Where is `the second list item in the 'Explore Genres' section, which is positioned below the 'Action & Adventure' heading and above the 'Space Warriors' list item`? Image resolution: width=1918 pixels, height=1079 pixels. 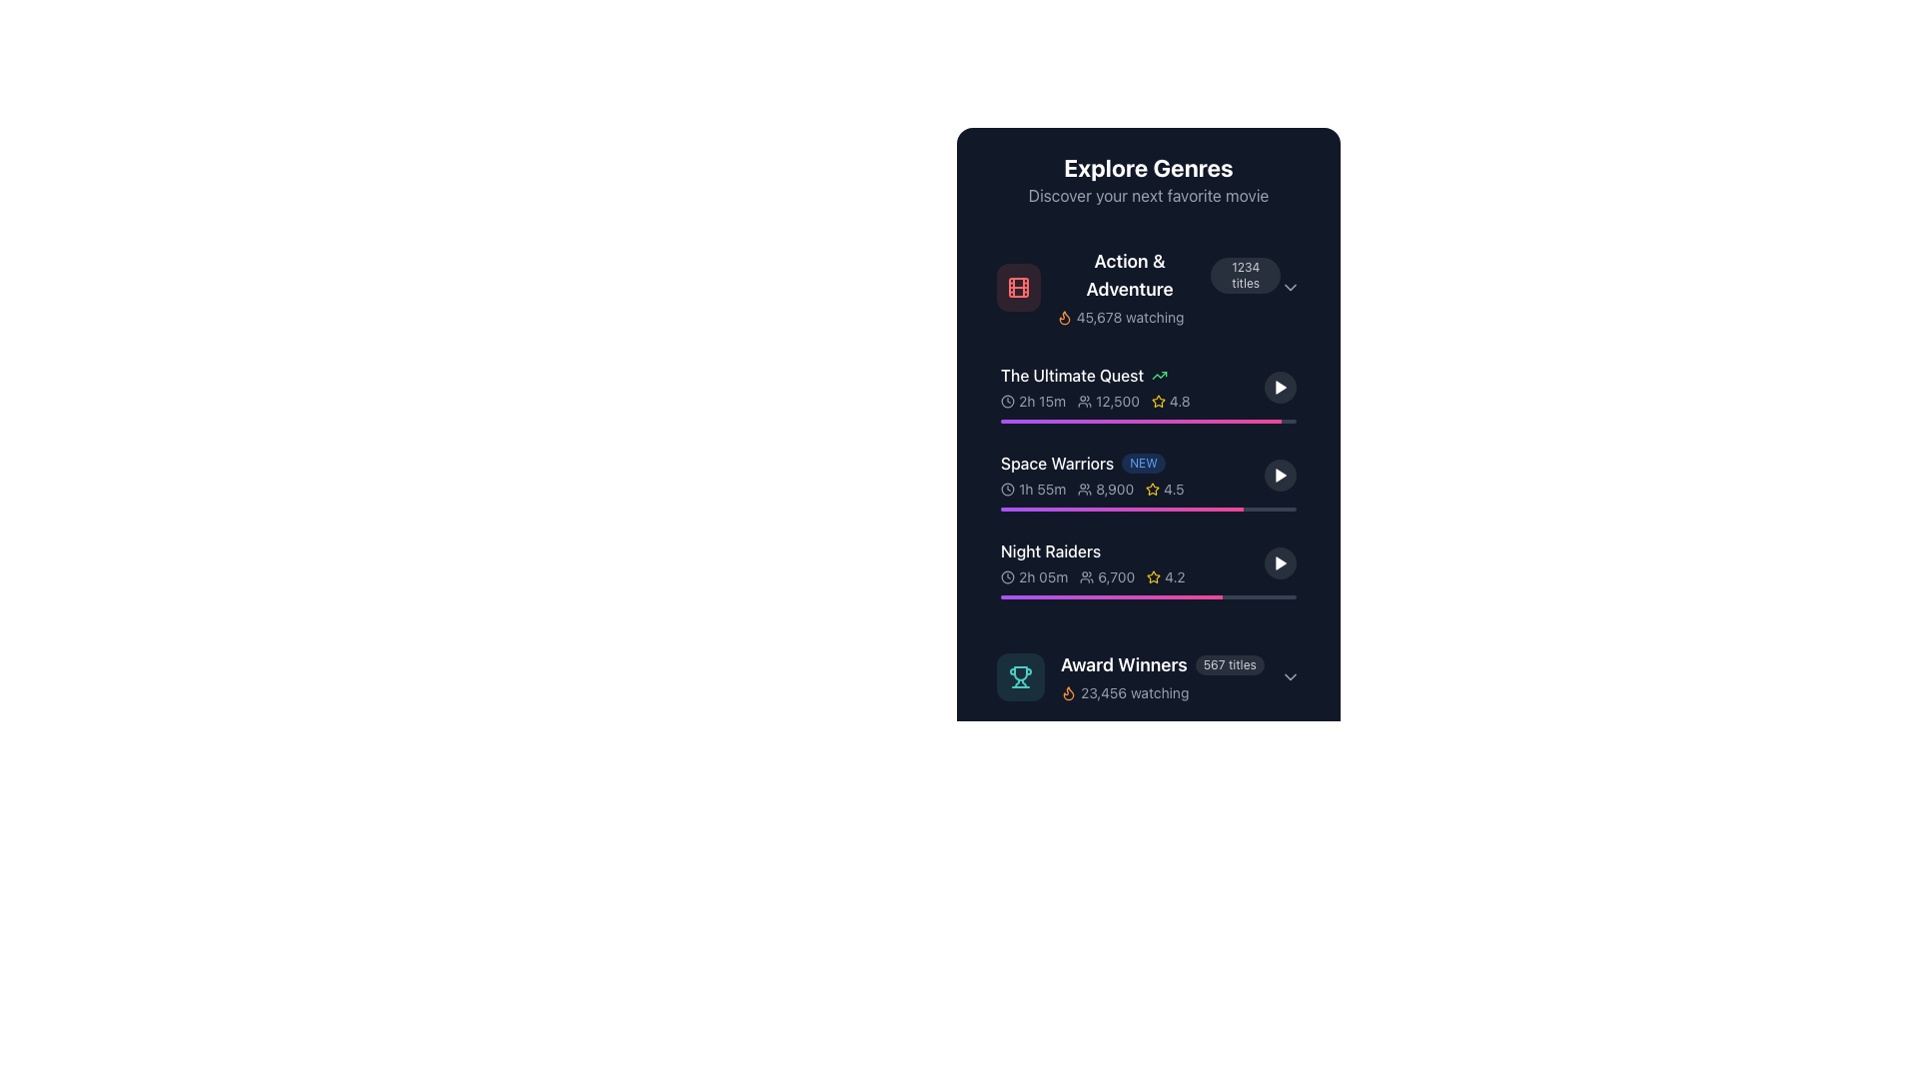
the second list item in the 'Explore Genres' section, which is positioned below the 'Action & Adventure' heading and above the 'Space Warriors' list item is located at coordinates (1132, 388).